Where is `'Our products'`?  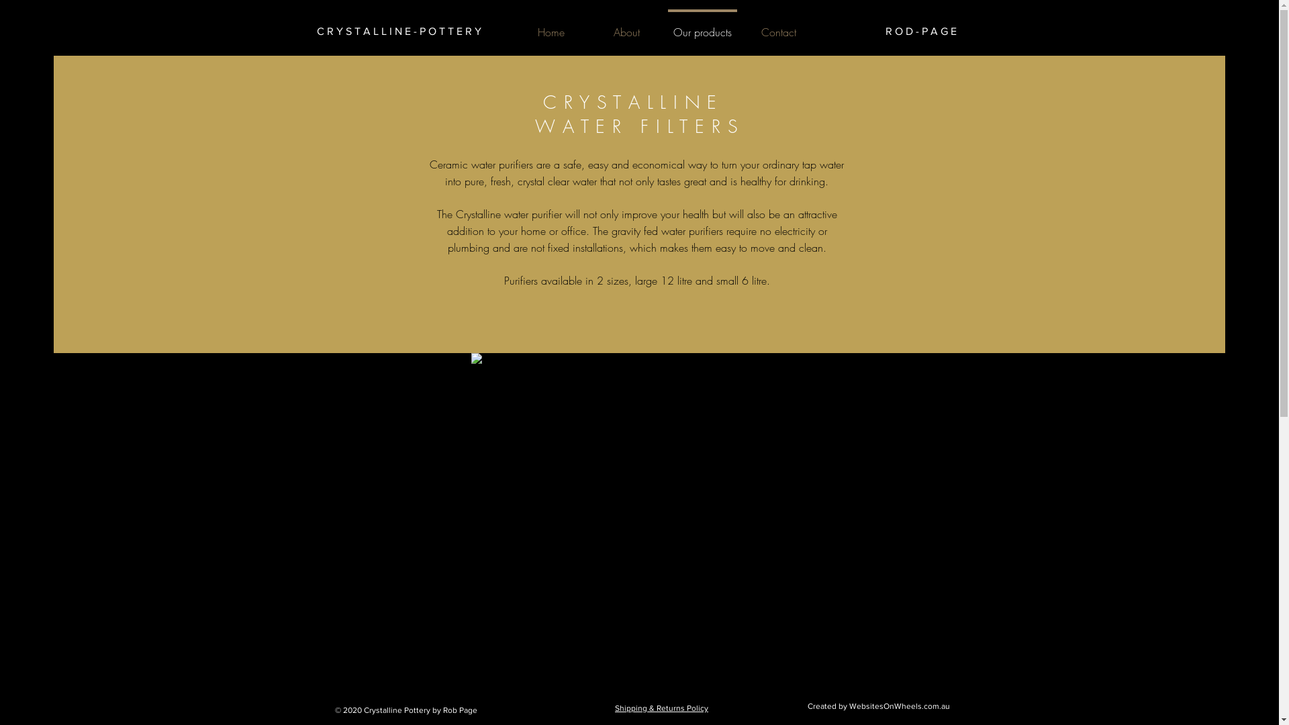
'Our products' is located at coordinates (702, 26).